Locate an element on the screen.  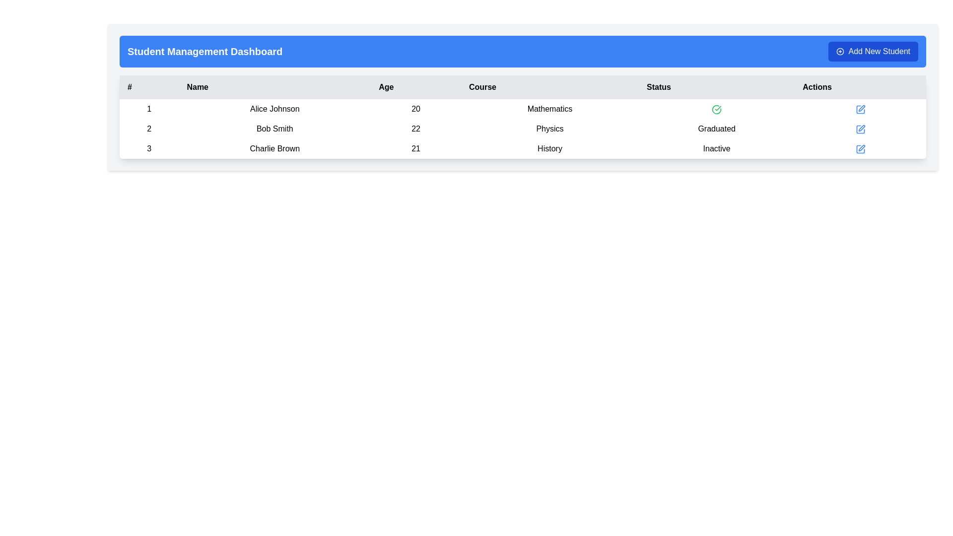
the text label displaying the name 'Charlie Brown' in the second column of the third row of the dataset table is located at coordinates (274, 149).